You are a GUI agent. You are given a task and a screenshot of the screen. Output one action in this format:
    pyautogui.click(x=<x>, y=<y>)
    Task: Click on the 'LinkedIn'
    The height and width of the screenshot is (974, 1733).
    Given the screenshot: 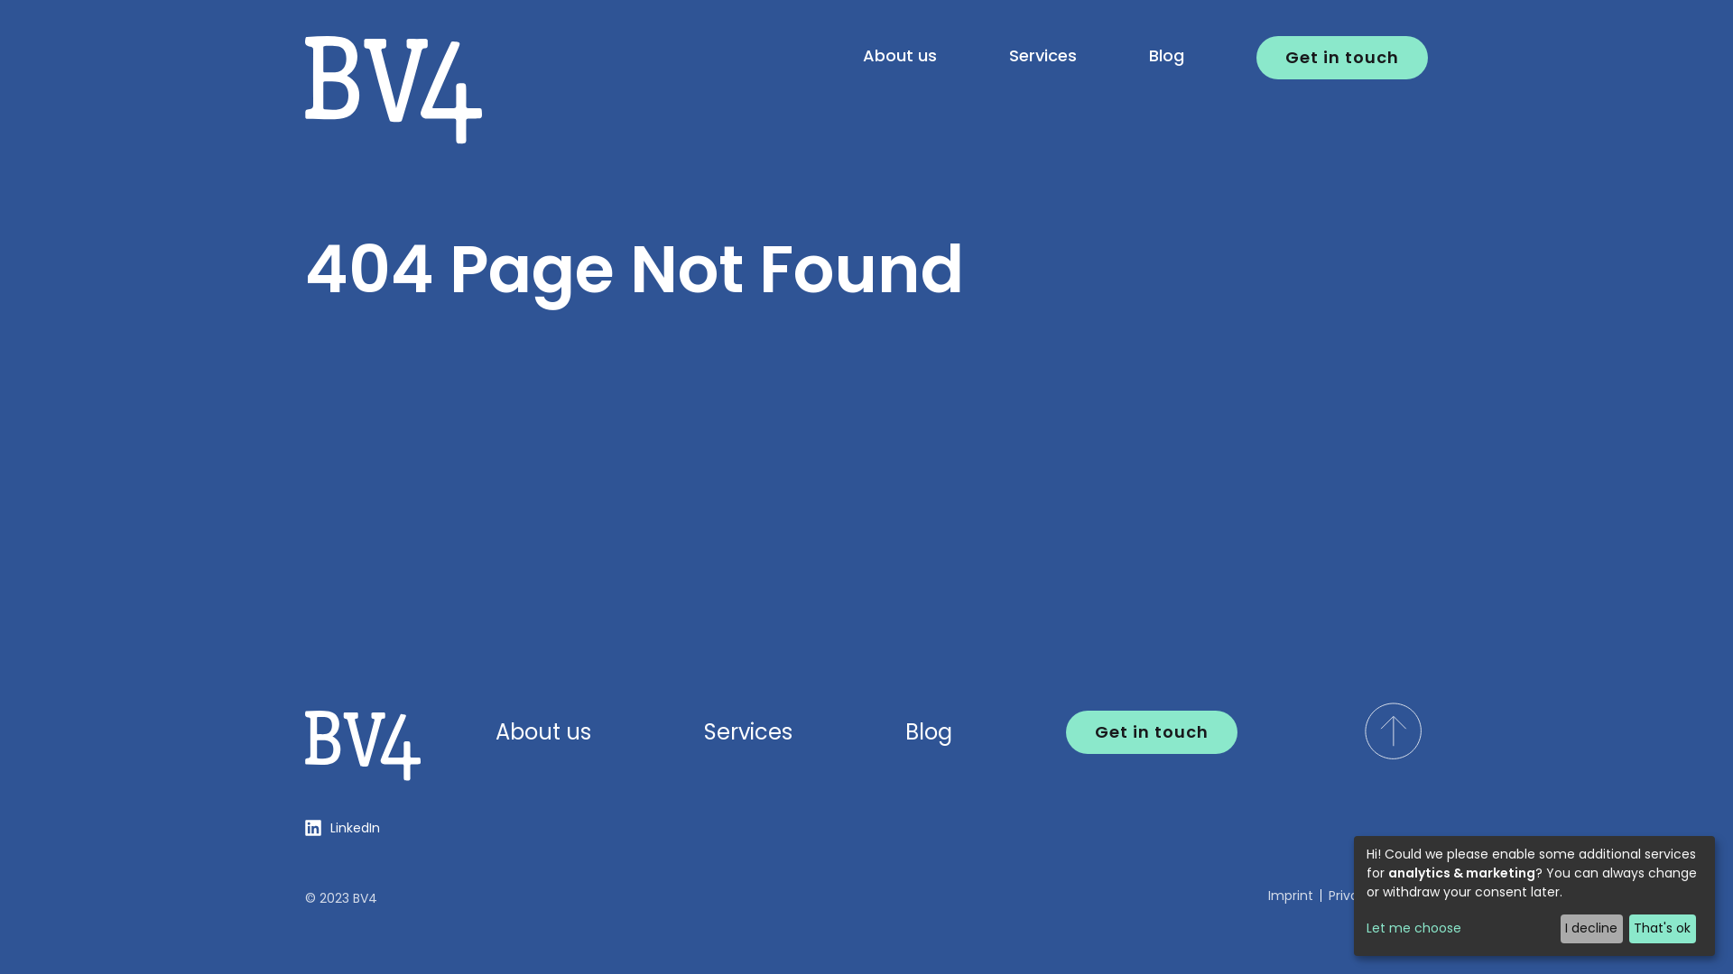 What is the action you would take?
    pyautogui.click(x=342, y=828)
    